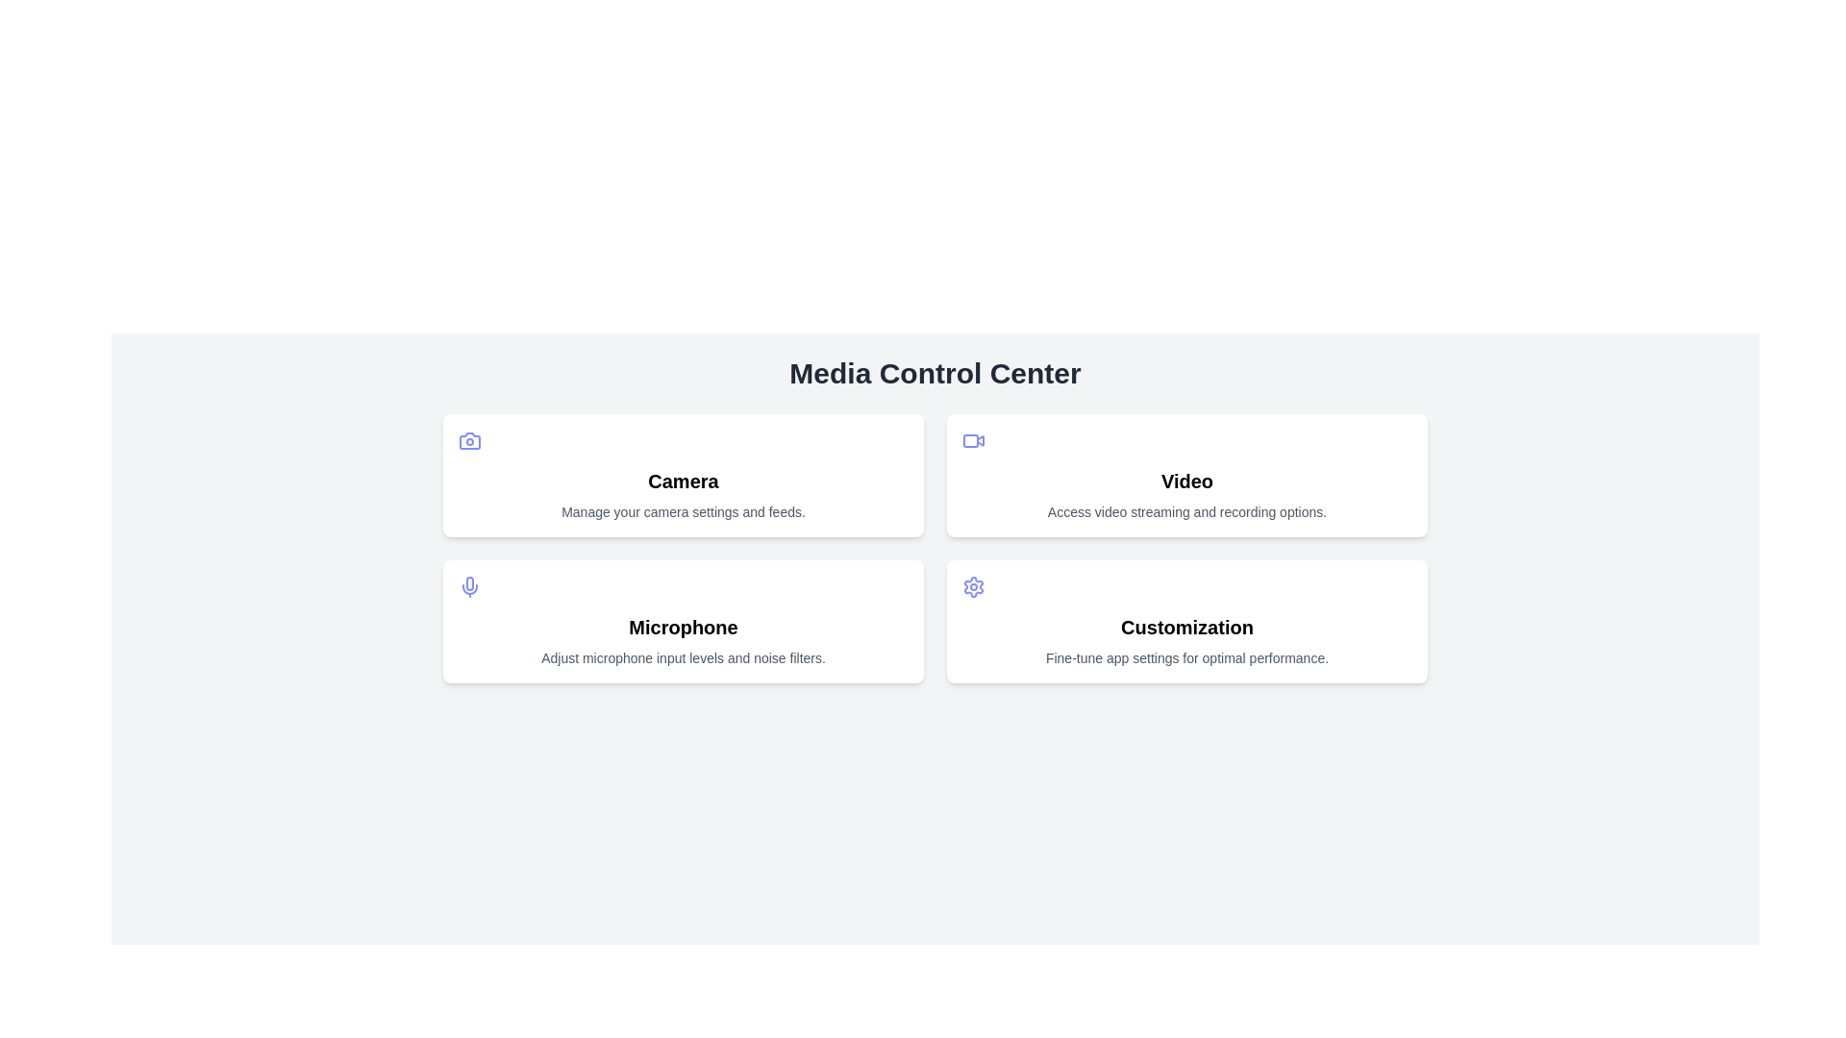 Image resolution: width=1846 pixels, height=1038 pixels. What do you see at coordinates (683, 657) in the screenshot?
I see `the descriptive text located at the bottom of the 'Microphone' card, which provides additional context about its features or purpose` at bounding box center [683, 657].